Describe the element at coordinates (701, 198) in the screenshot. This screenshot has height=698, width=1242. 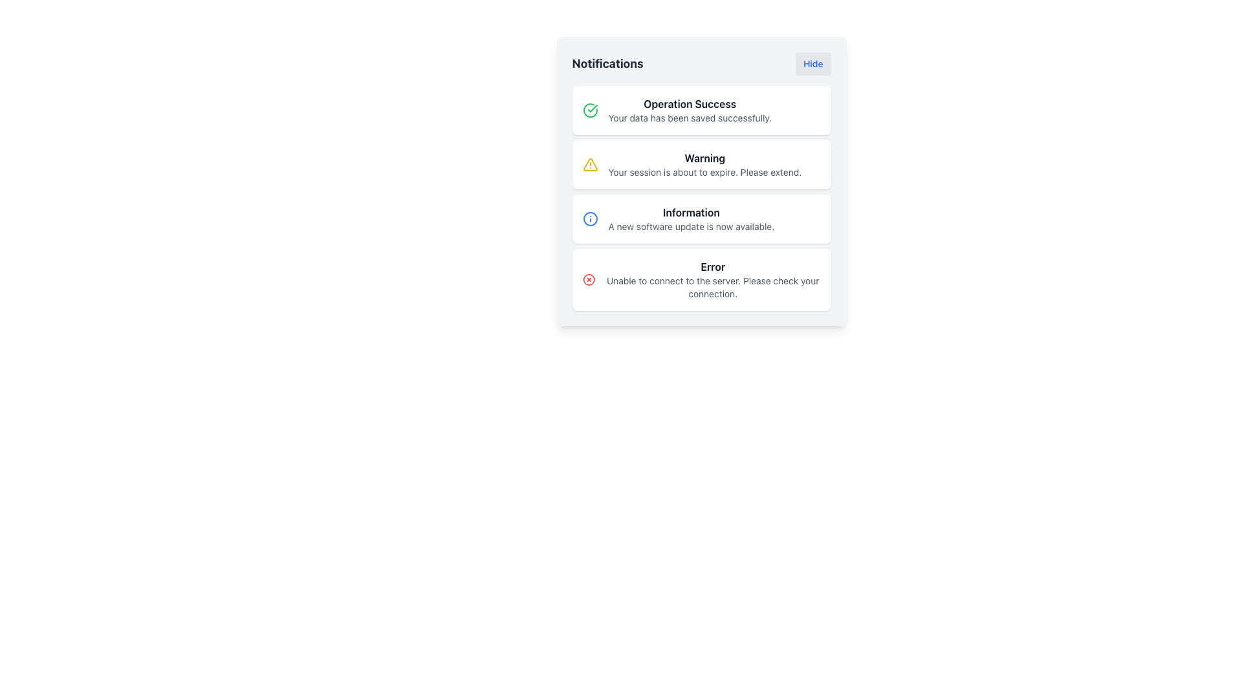
I see `notifications from the Notification Group, which is the third item in the vertically aligned list inside the 'Notifications' card` at that location.